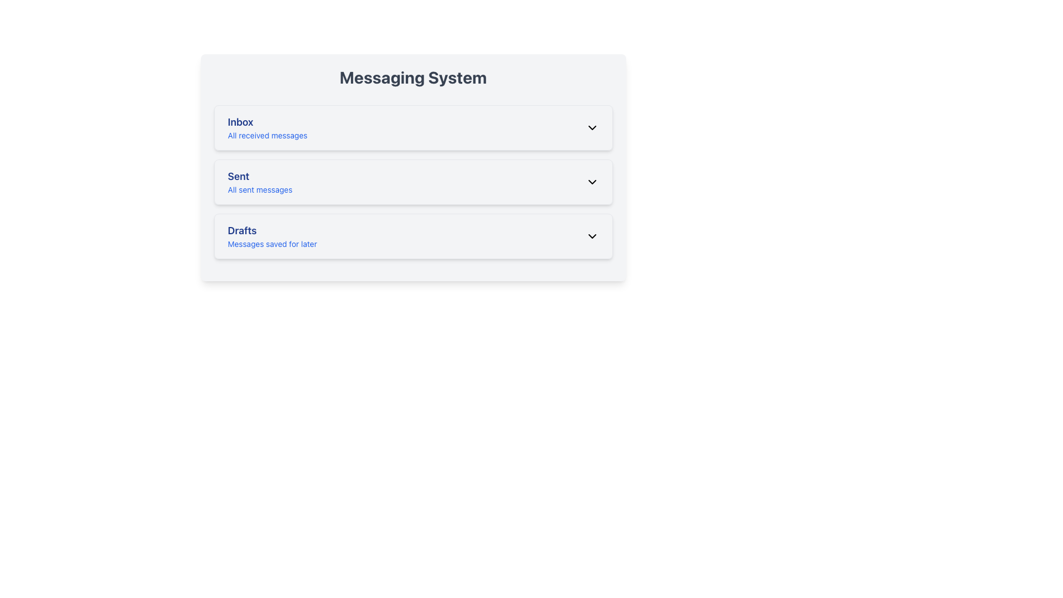  Describe the element at coordinates (591, 127) in the screenshot. I see `the chevron icon positioned to the far right of the 'Inbox' section` at that location.